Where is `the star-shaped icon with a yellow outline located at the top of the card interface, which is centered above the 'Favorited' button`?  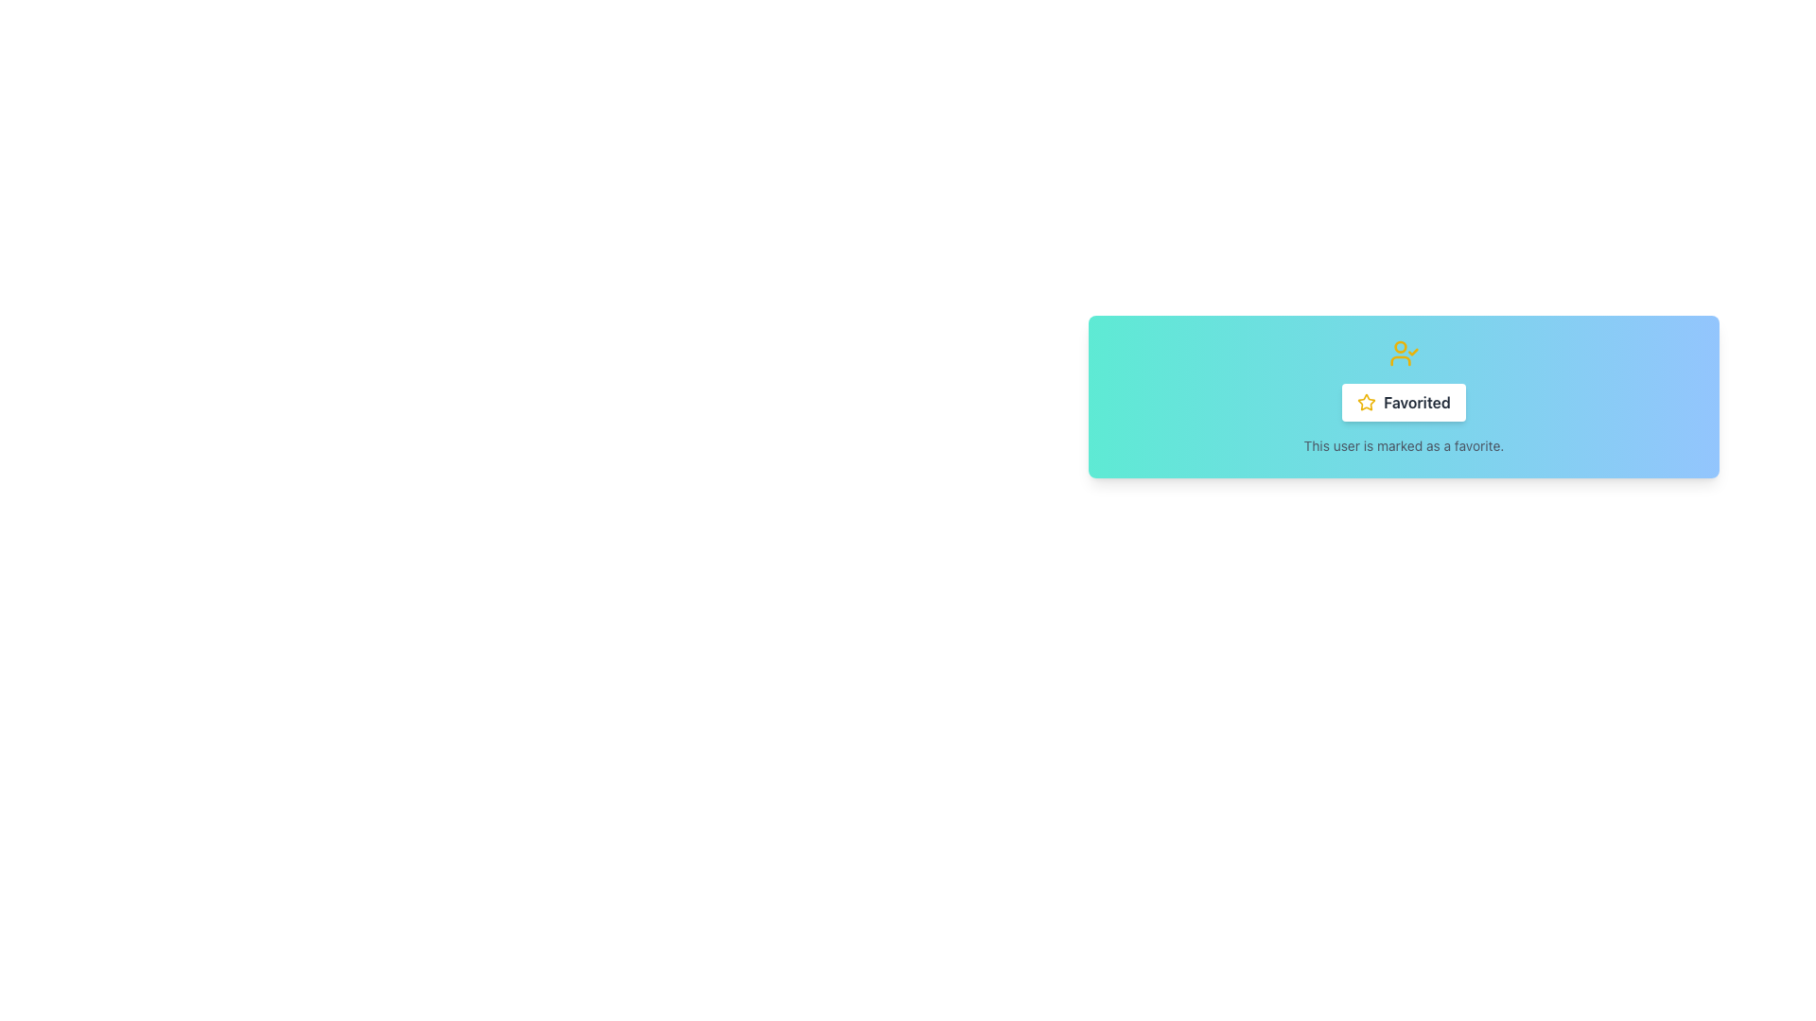
the star-shaped icon with a yellow outline located at the top of the card interface, which is centered above the 'Favorited' button is located at coordinates (1367, 401).